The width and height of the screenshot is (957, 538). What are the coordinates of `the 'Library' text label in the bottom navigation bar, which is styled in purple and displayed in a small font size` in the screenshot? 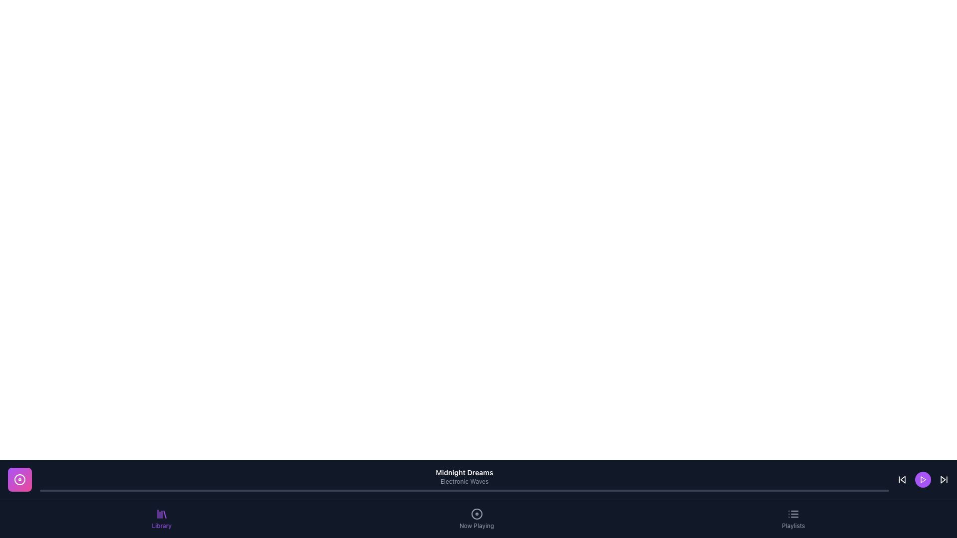 It's located at (161, 526).